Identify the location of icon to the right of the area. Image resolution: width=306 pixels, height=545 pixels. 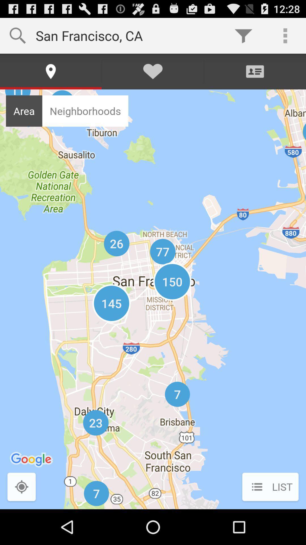
(85, 111).